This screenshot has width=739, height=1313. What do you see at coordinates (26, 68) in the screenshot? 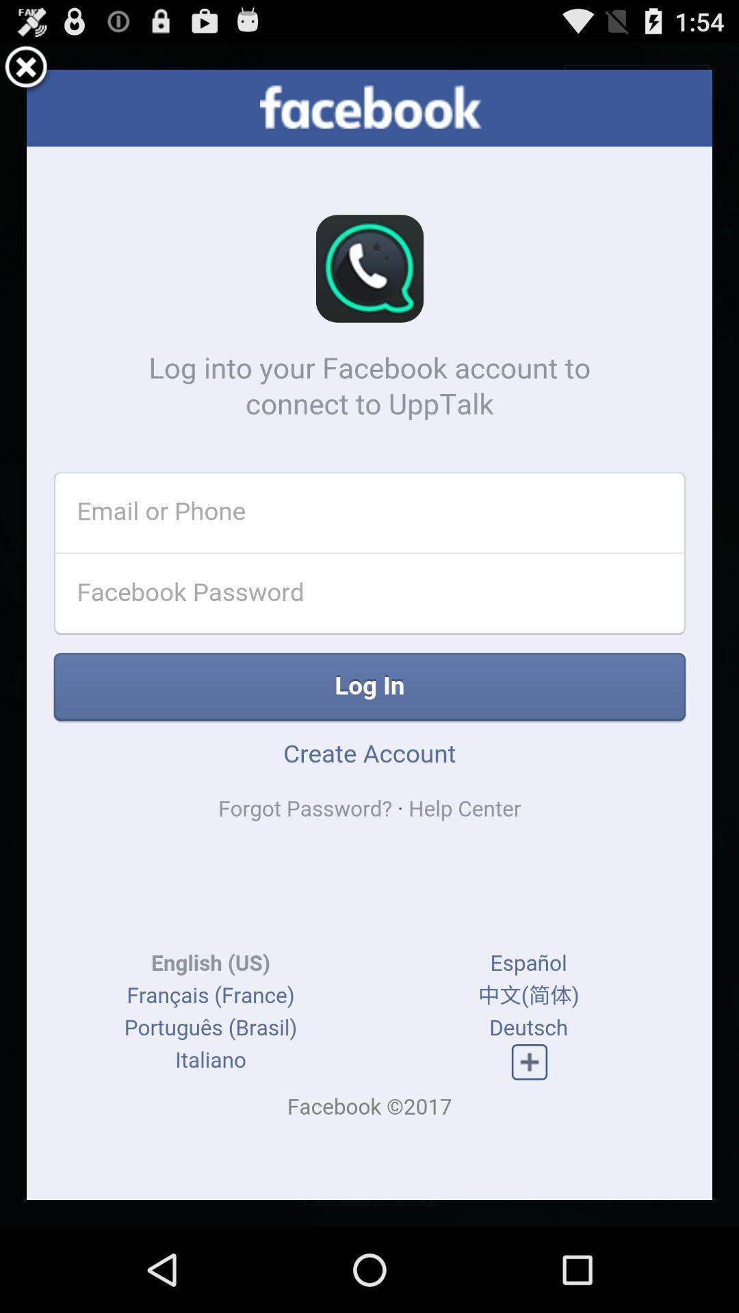
I see `close` at bounding box center [26, 68].